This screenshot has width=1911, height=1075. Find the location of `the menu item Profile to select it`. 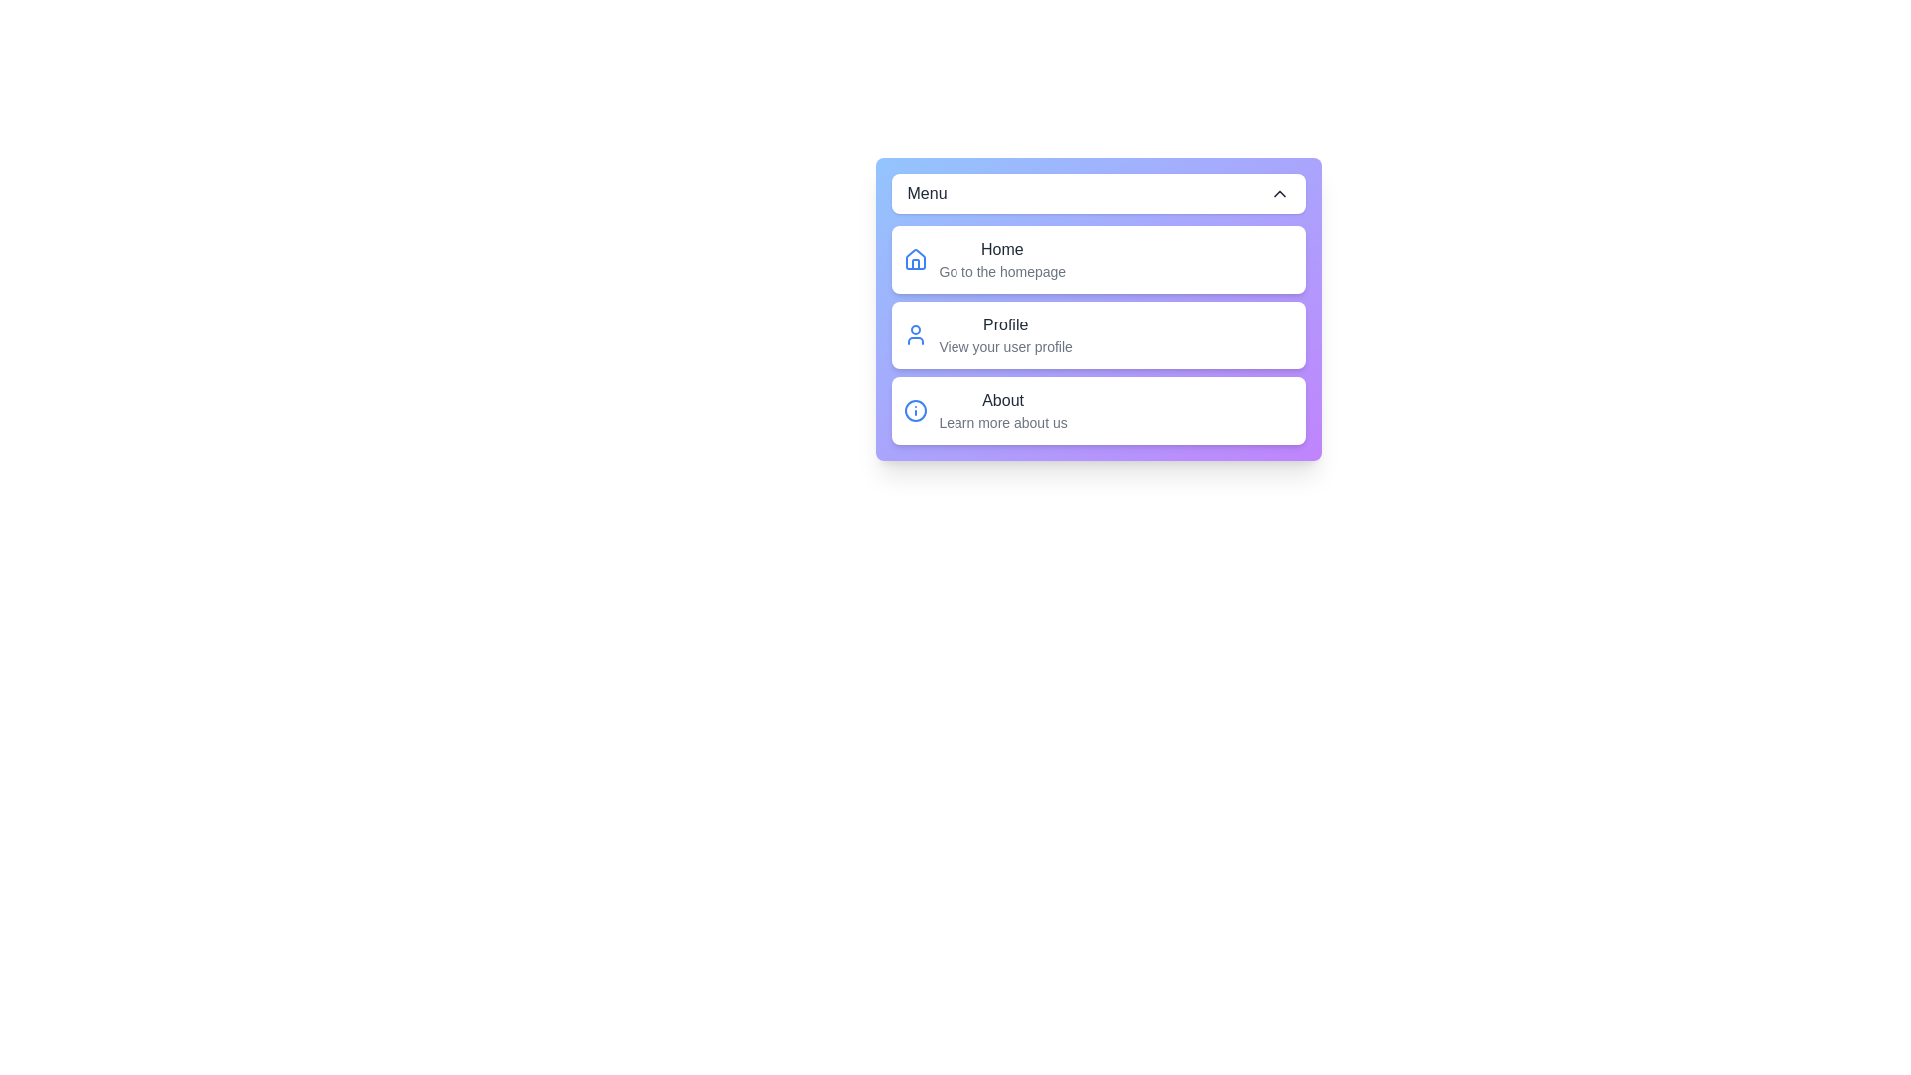

the menu item Profile to select it is located at coordinates (1097, 333).